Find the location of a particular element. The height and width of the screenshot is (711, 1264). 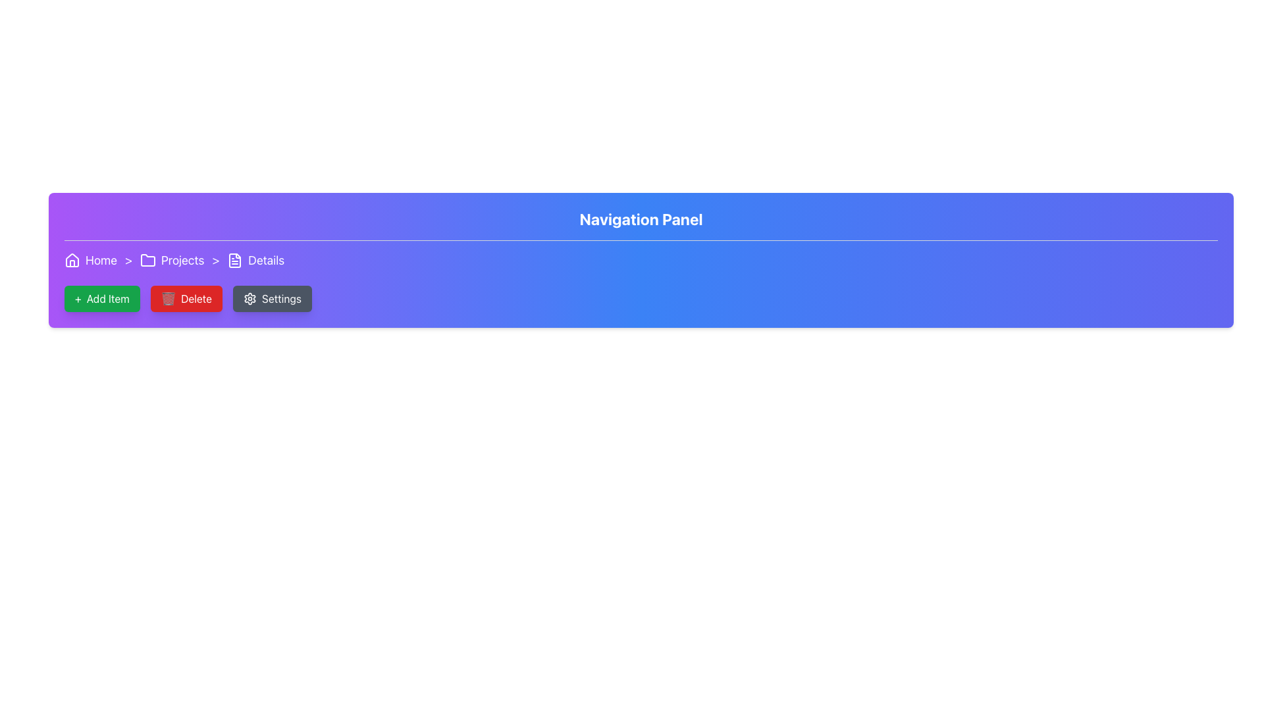

the 'Projects' text label in the breadcrumb navigation is located at coordinates (182, 261).